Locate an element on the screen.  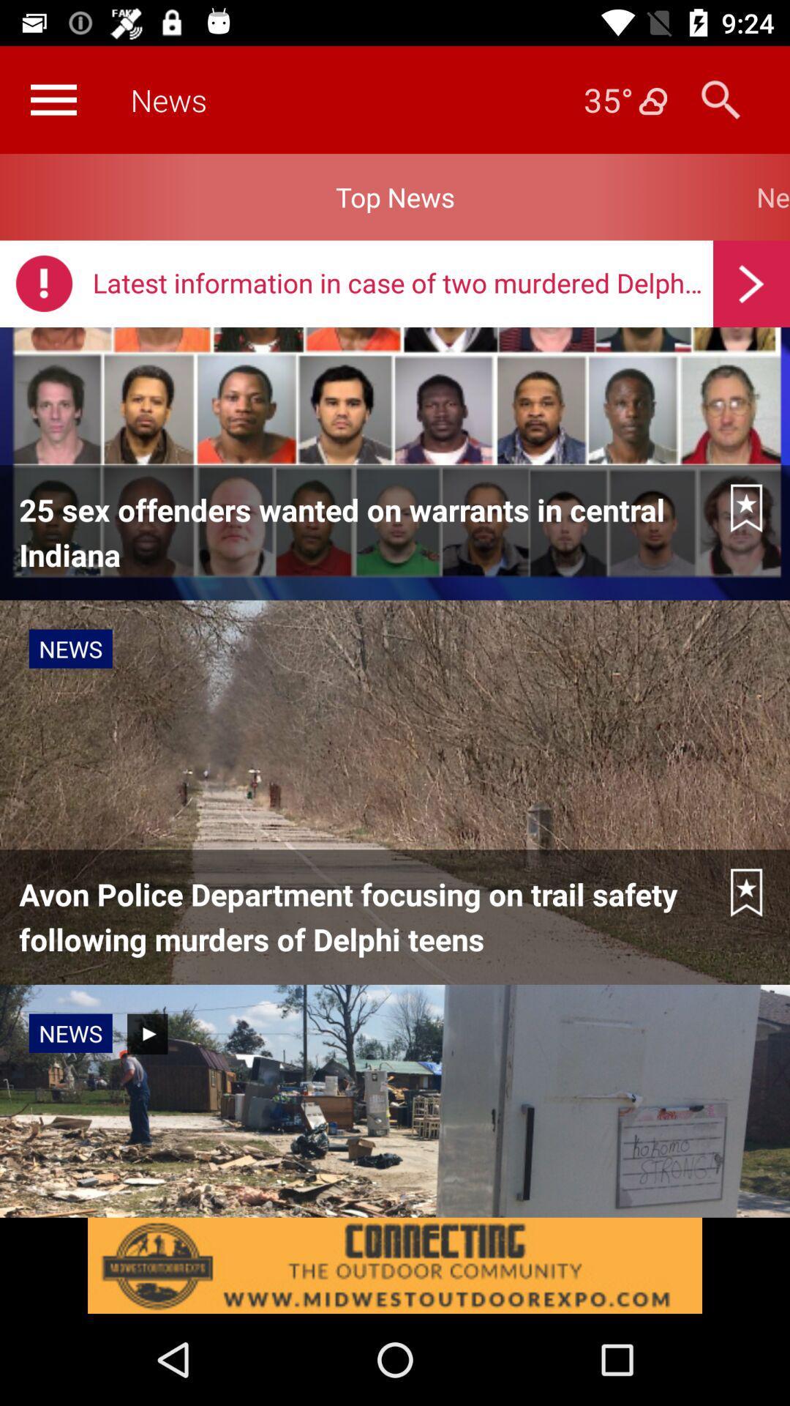
search button is located at coordinates (720, 99).